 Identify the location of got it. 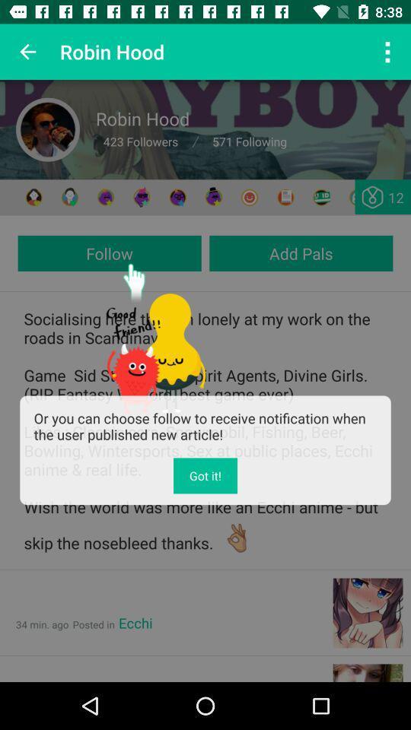
(205, 474).